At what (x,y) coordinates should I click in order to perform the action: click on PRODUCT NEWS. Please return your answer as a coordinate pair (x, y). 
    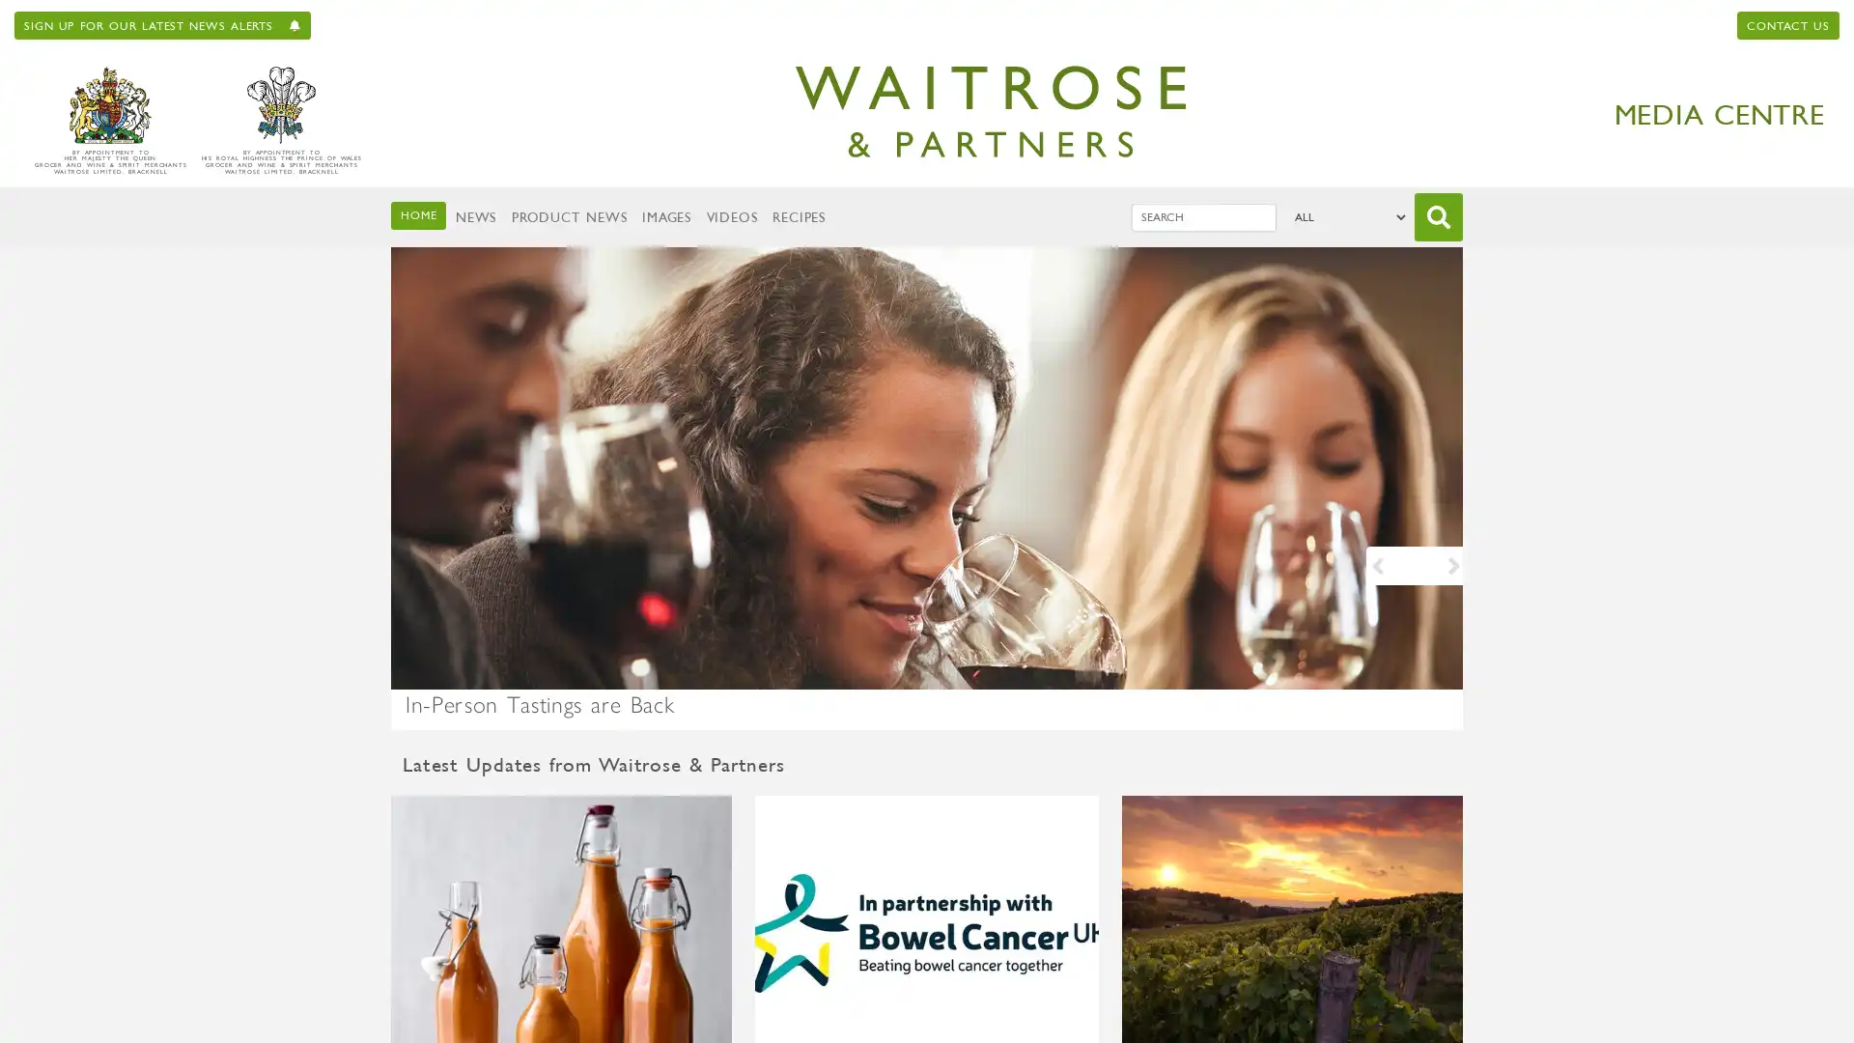
    Looking at the image, I should click on (568, 216).